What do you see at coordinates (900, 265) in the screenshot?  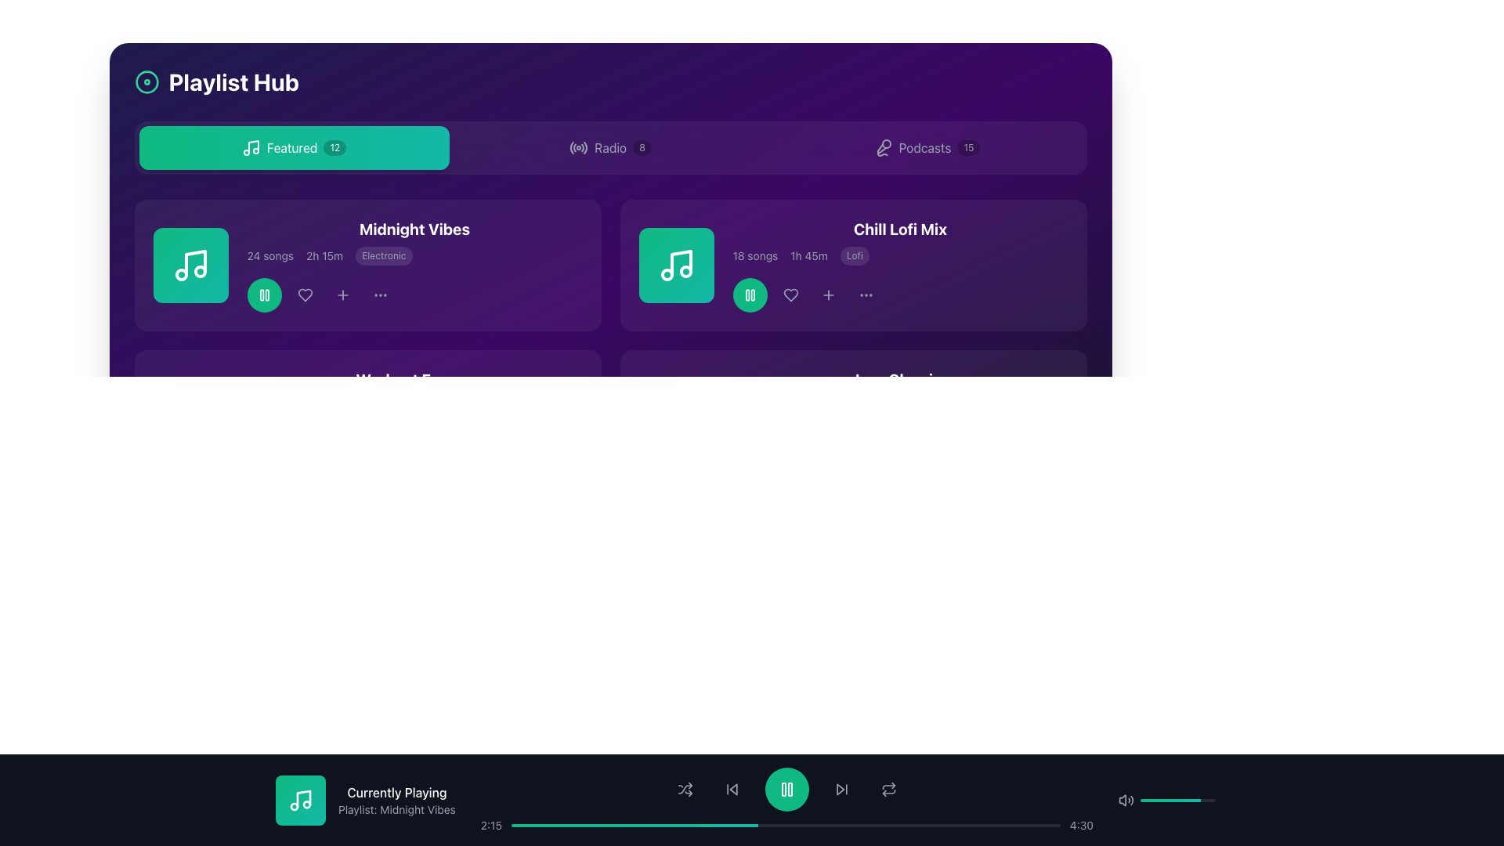 I see `the Information Display Box for the playlist 'Chill Lofi Mix' located in the second card of the 'Featured' section in the 'Playlist Hub' interface` at bounding box center [900, 265].